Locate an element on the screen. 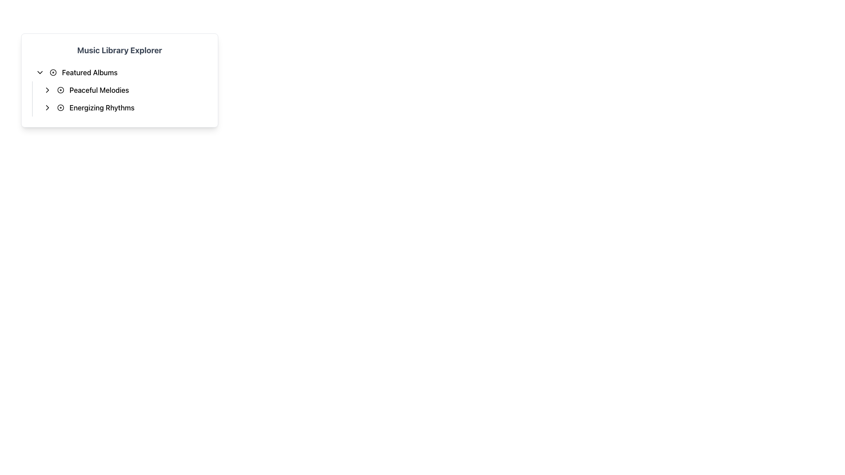 The width and height of the screenshot is (845, 475). the icon representing the 'Energizing Rhythms' menu item, which is the third element in the group and located next to a chevron pointing right is located at coordinates (60, 107).